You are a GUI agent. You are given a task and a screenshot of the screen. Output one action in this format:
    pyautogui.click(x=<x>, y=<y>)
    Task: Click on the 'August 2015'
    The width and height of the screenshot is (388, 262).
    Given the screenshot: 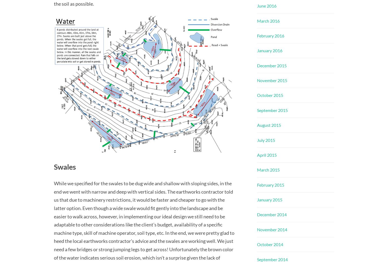 What is the action you would take?
    pyautogui.click(x=269, y=125)
    